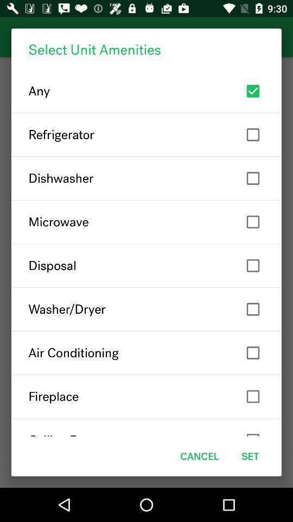 This screenshot has height=522, width=293. I want to click on the item below the dishwasher item, so click(146, 221).